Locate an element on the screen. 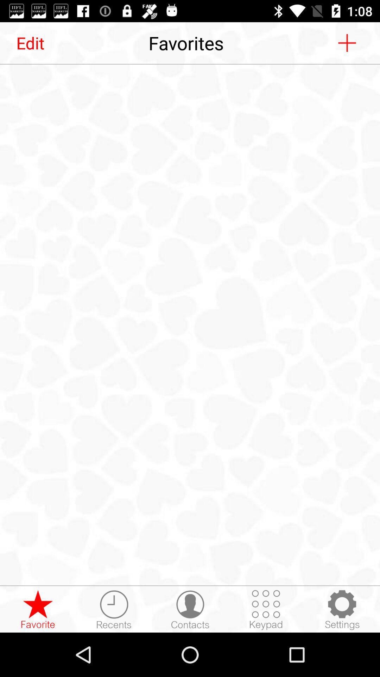 This screenshot has width=380, height=677. keyboard is located at coordinates (266, 609).